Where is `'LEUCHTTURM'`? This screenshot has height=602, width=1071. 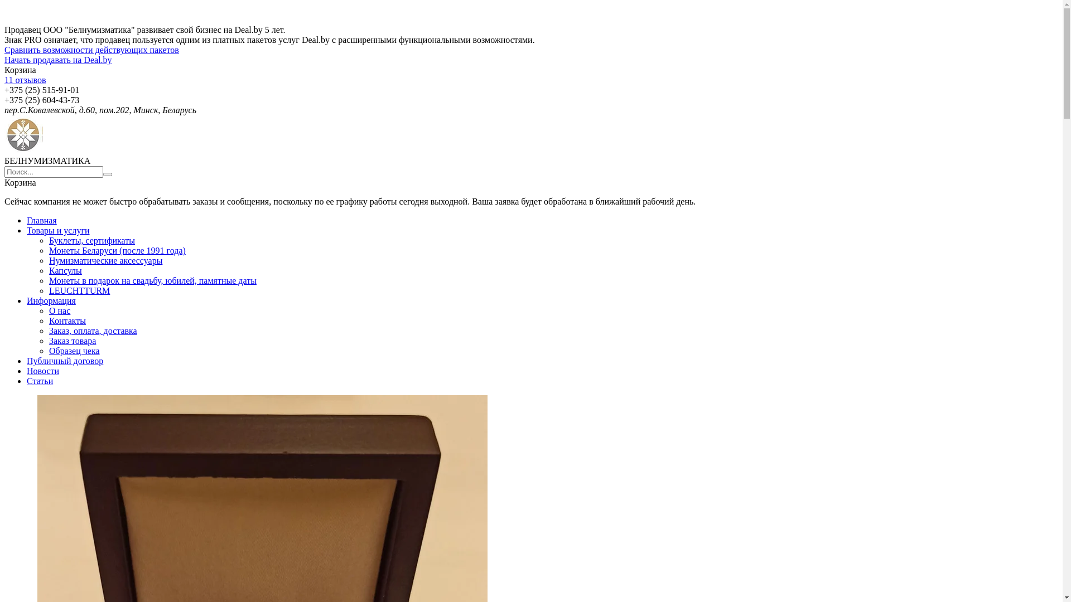 'LEUCHTTURM' is located at coordinates (79, 290).